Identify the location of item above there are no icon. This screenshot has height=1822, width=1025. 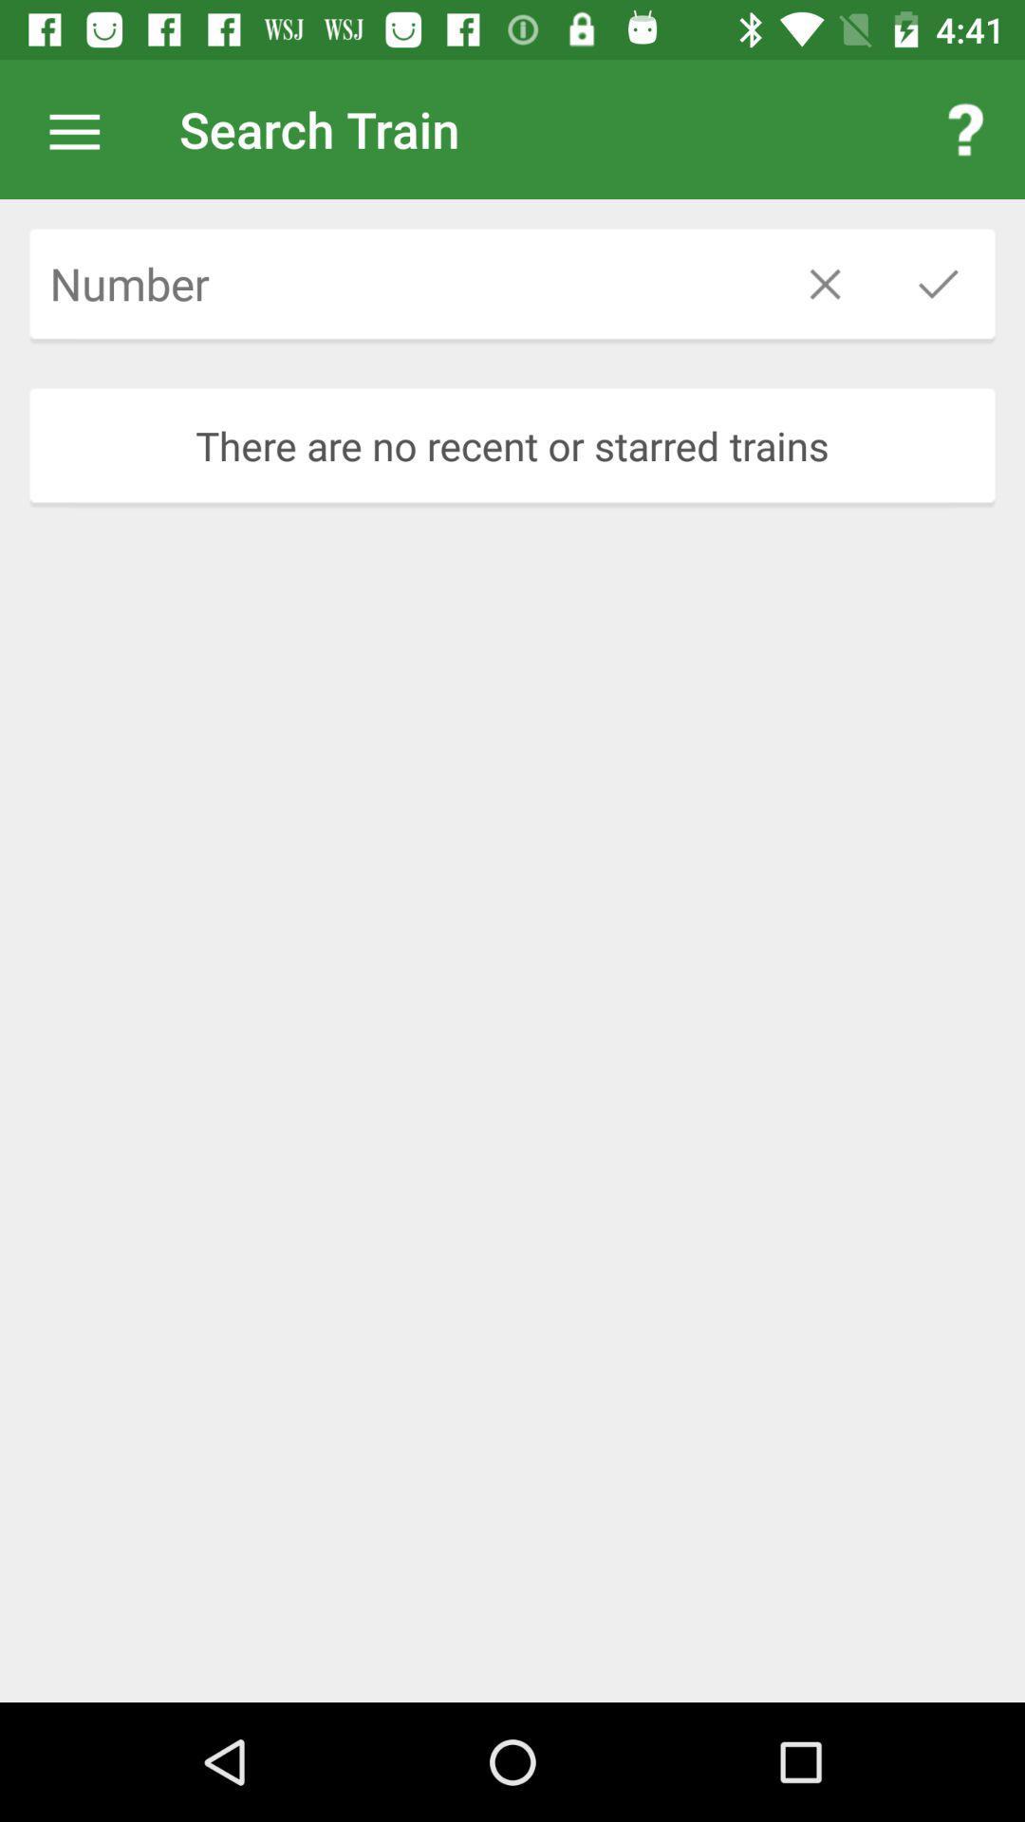
(398, 283).